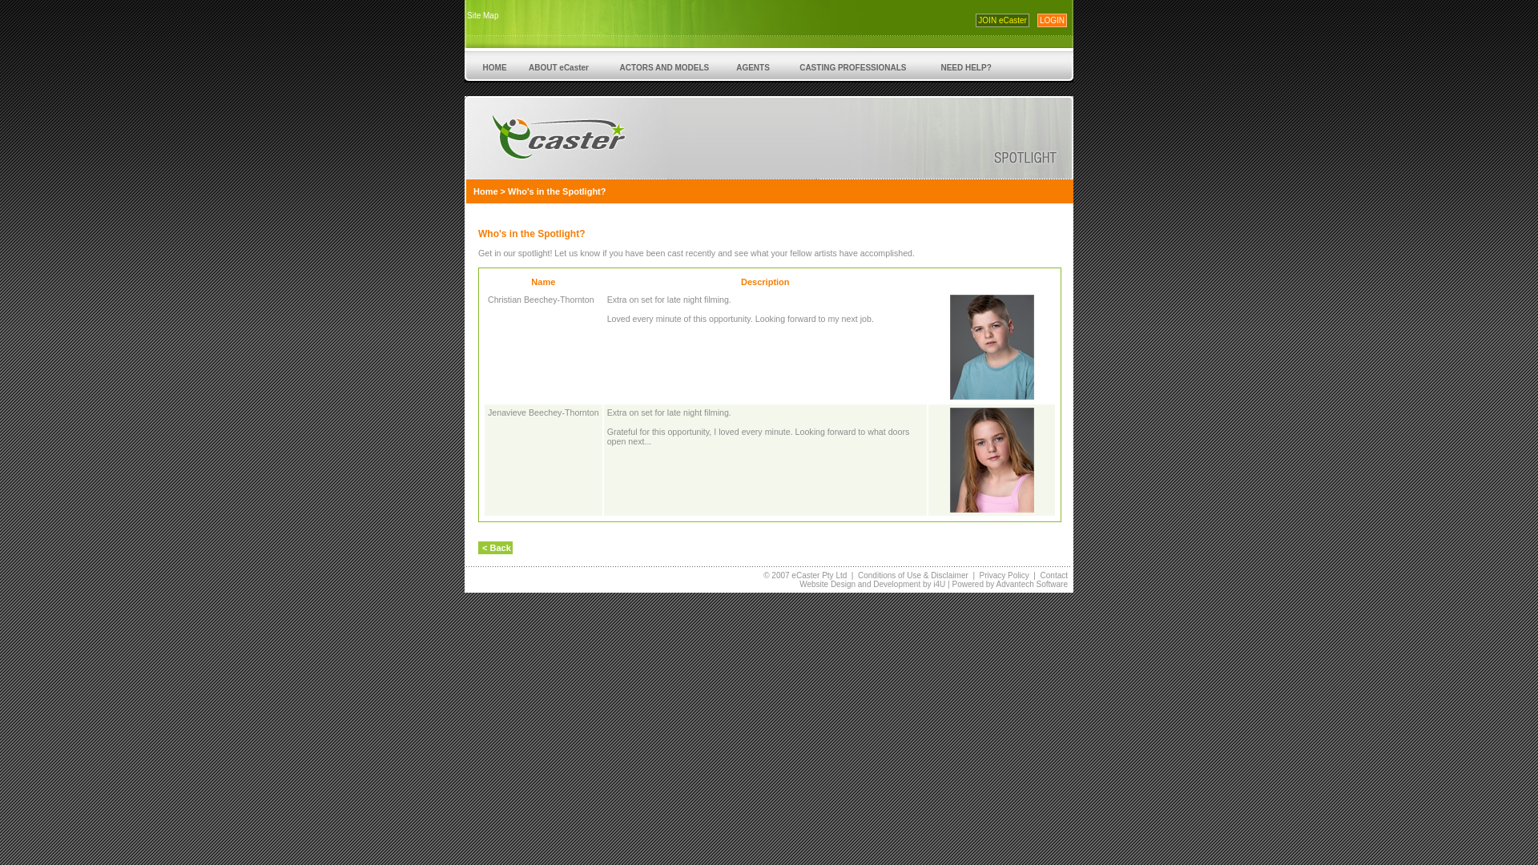  What do you see at coordinates (964, 66) in the screenshot?
I see `' NEED HELP? '` at bounding box center [964, 66].